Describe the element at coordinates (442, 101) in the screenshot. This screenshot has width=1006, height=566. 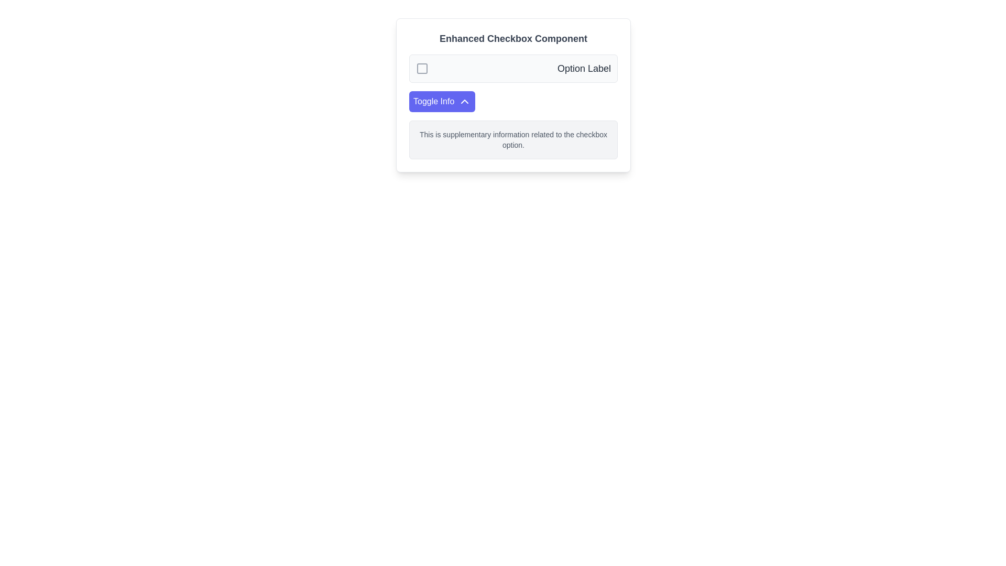
I see `the 'Toggle Info' button, which is a rectangular button with rounded corners, vibrant indigo background, and white text, located below the 'Option Label' checkbox area` at that location.